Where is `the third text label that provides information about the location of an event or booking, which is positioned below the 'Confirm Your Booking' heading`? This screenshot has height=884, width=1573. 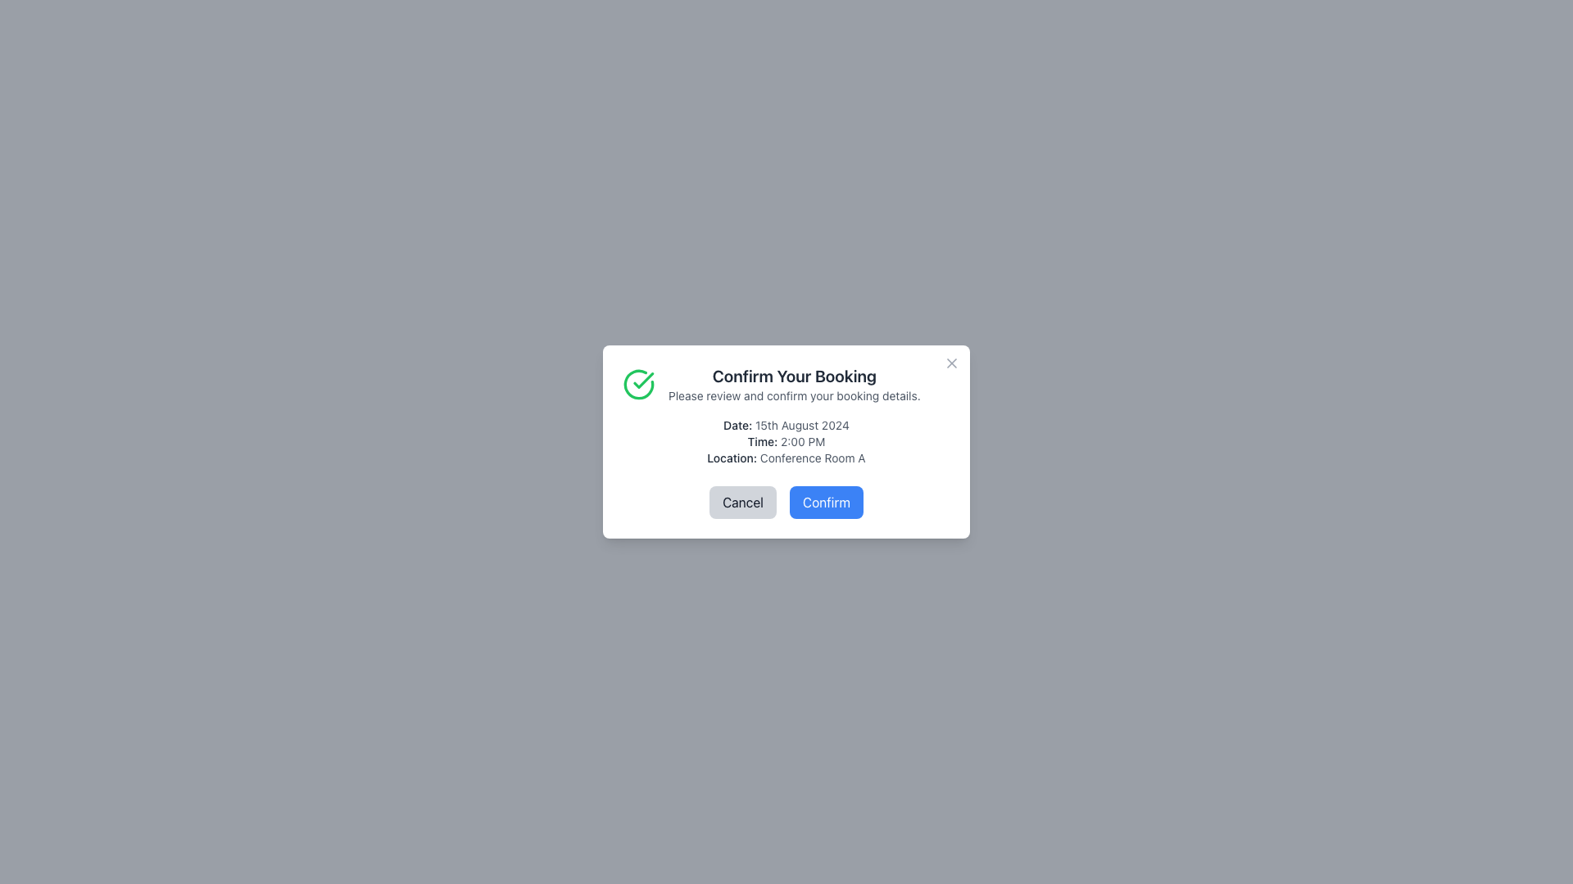
the third text label that provides information about the location of an event or booking, which is positioned below the 'Confirm Your Booking' heading is located at coordinates (786, 458).